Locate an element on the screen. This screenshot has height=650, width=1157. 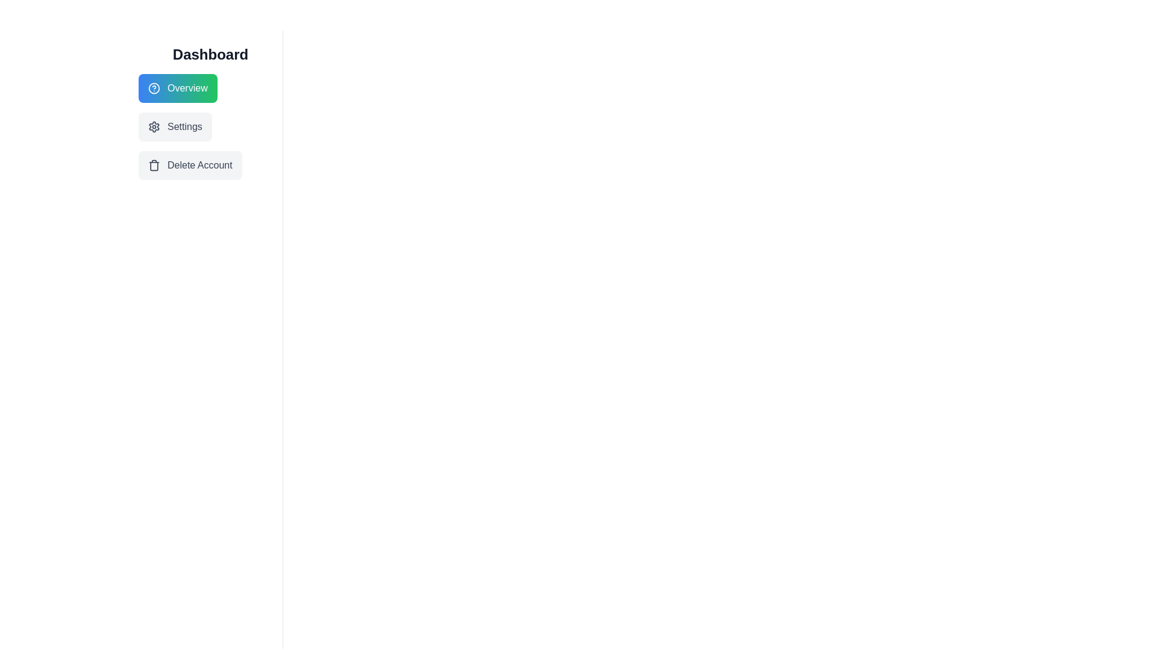
the SVG Circle element with a thin border, located near the top-left section of the interface, which represents information or help, accompanying the 'Overview' button is located at coordinates (153, 87).